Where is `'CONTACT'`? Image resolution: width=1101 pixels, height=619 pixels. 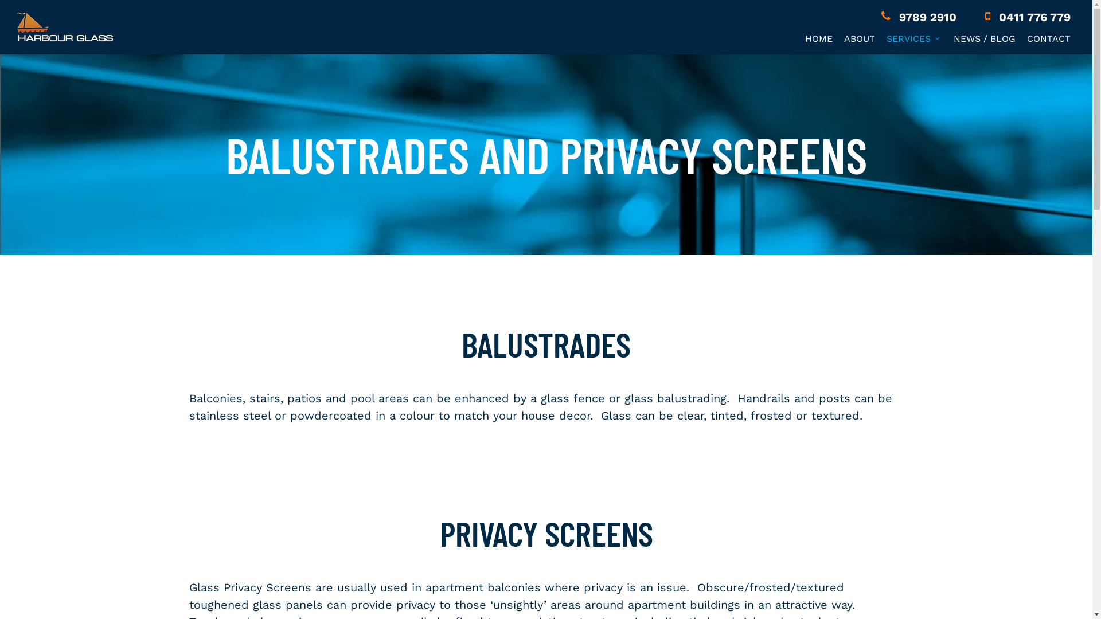
'CONTACT' is located at coordinates (1048, 37).